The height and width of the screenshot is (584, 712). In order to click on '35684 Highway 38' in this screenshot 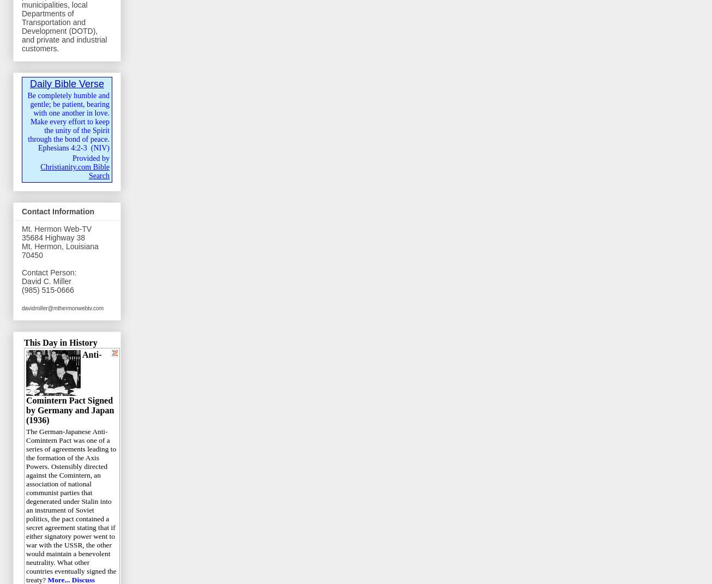, I will do `click(21, 238)`.